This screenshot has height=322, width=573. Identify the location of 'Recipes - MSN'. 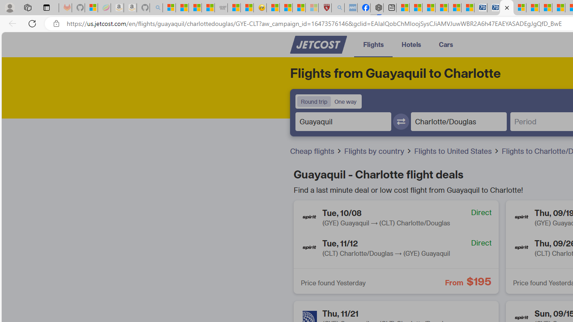
(273, 8).